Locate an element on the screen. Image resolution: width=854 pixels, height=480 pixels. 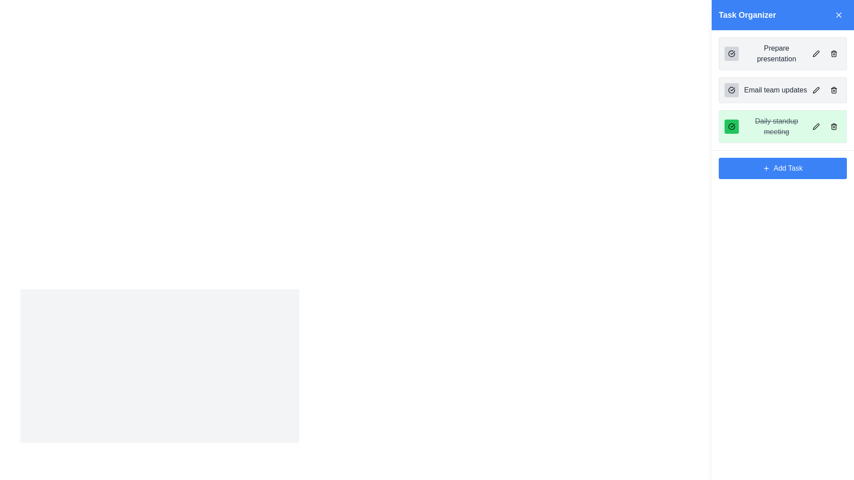
the edit icon located in the second row of the task list on the right-hand side to initiate editing of the corresponding task's details is located at coordinates (816, 90).